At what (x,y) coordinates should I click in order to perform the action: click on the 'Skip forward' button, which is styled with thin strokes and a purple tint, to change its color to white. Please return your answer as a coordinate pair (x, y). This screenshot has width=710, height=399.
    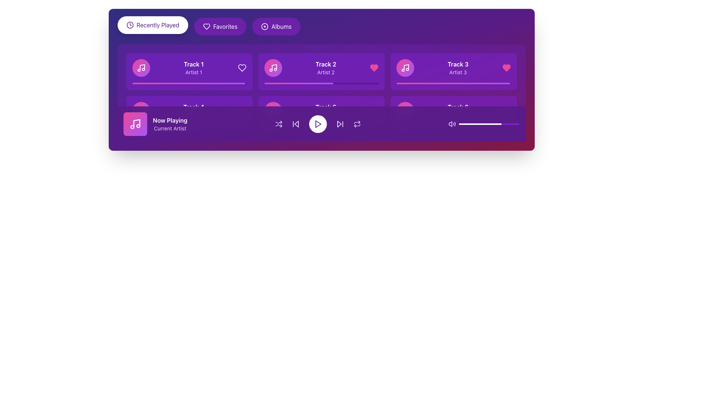
    Looking at the image, I should click on (340, 123).